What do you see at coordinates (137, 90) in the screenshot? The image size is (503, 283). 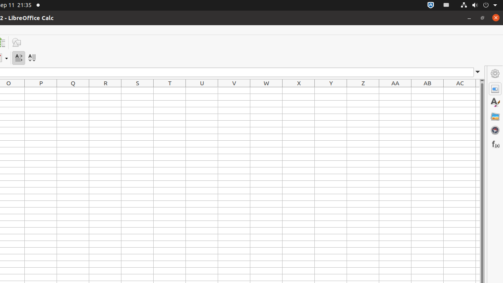 I see `'S1'` at bounding box center [137, 90].